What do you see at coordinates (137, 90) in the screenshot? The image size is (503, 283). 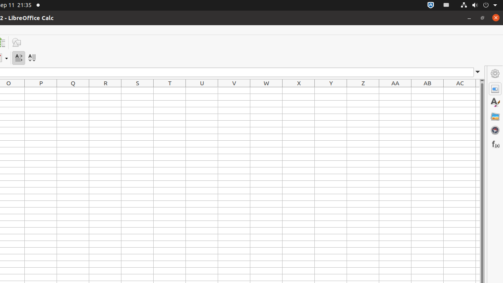 I see `'S1'` at bounding box center [137, 90].